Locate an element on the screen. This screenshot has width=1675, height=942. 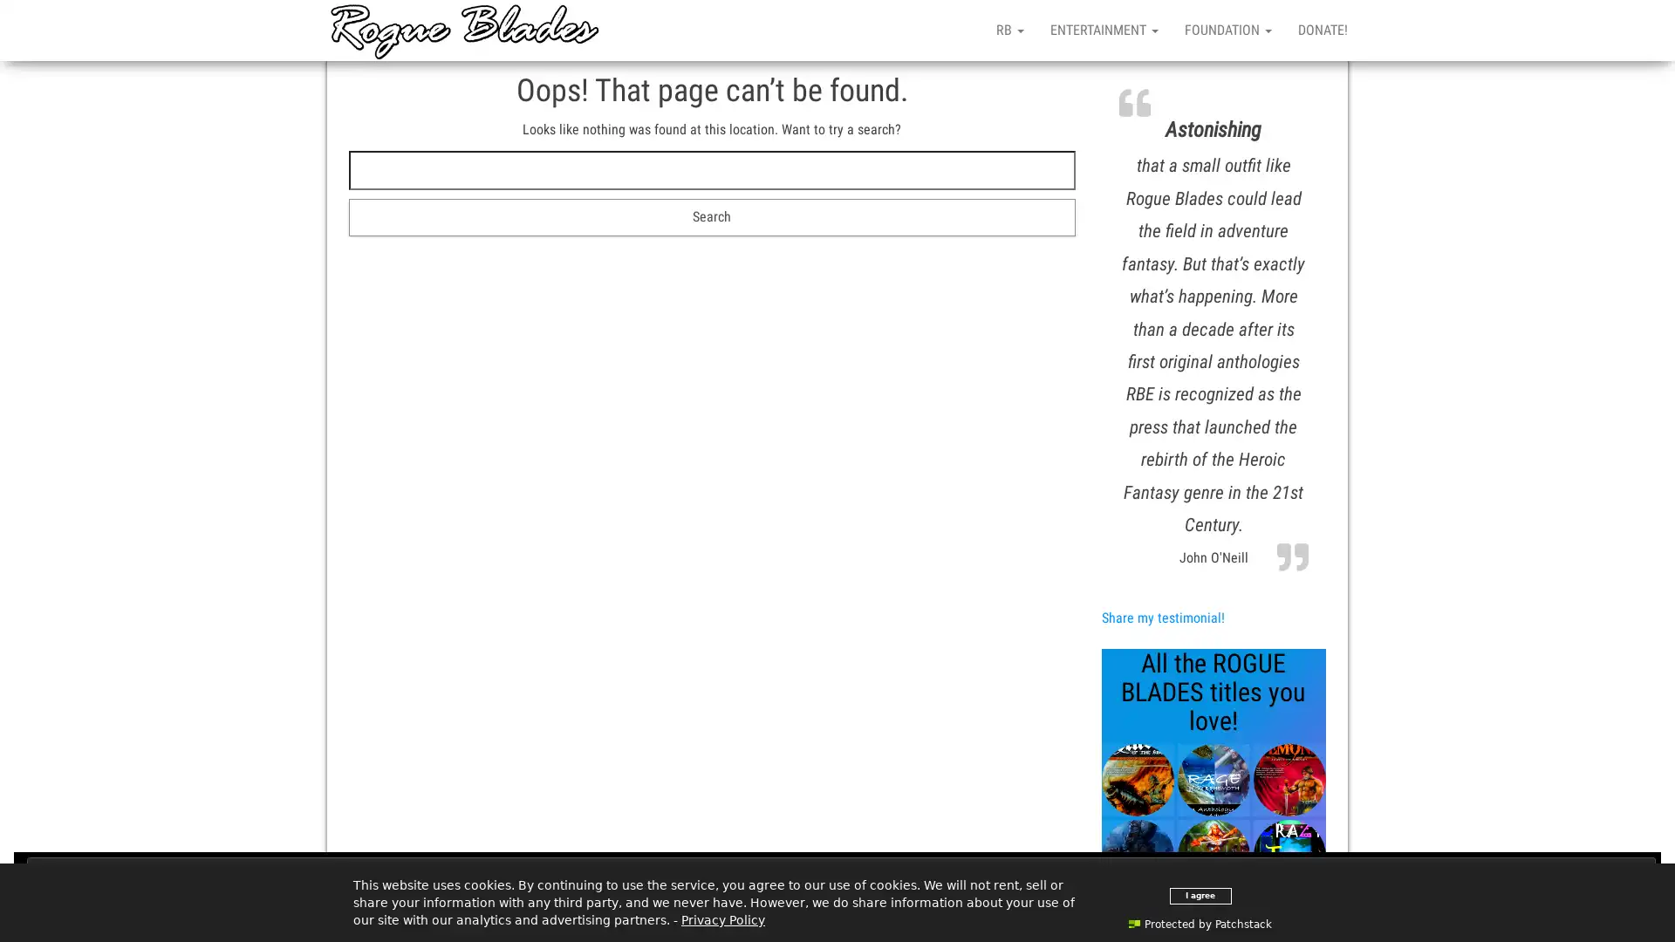
Search is located at coordinates (712, 216).